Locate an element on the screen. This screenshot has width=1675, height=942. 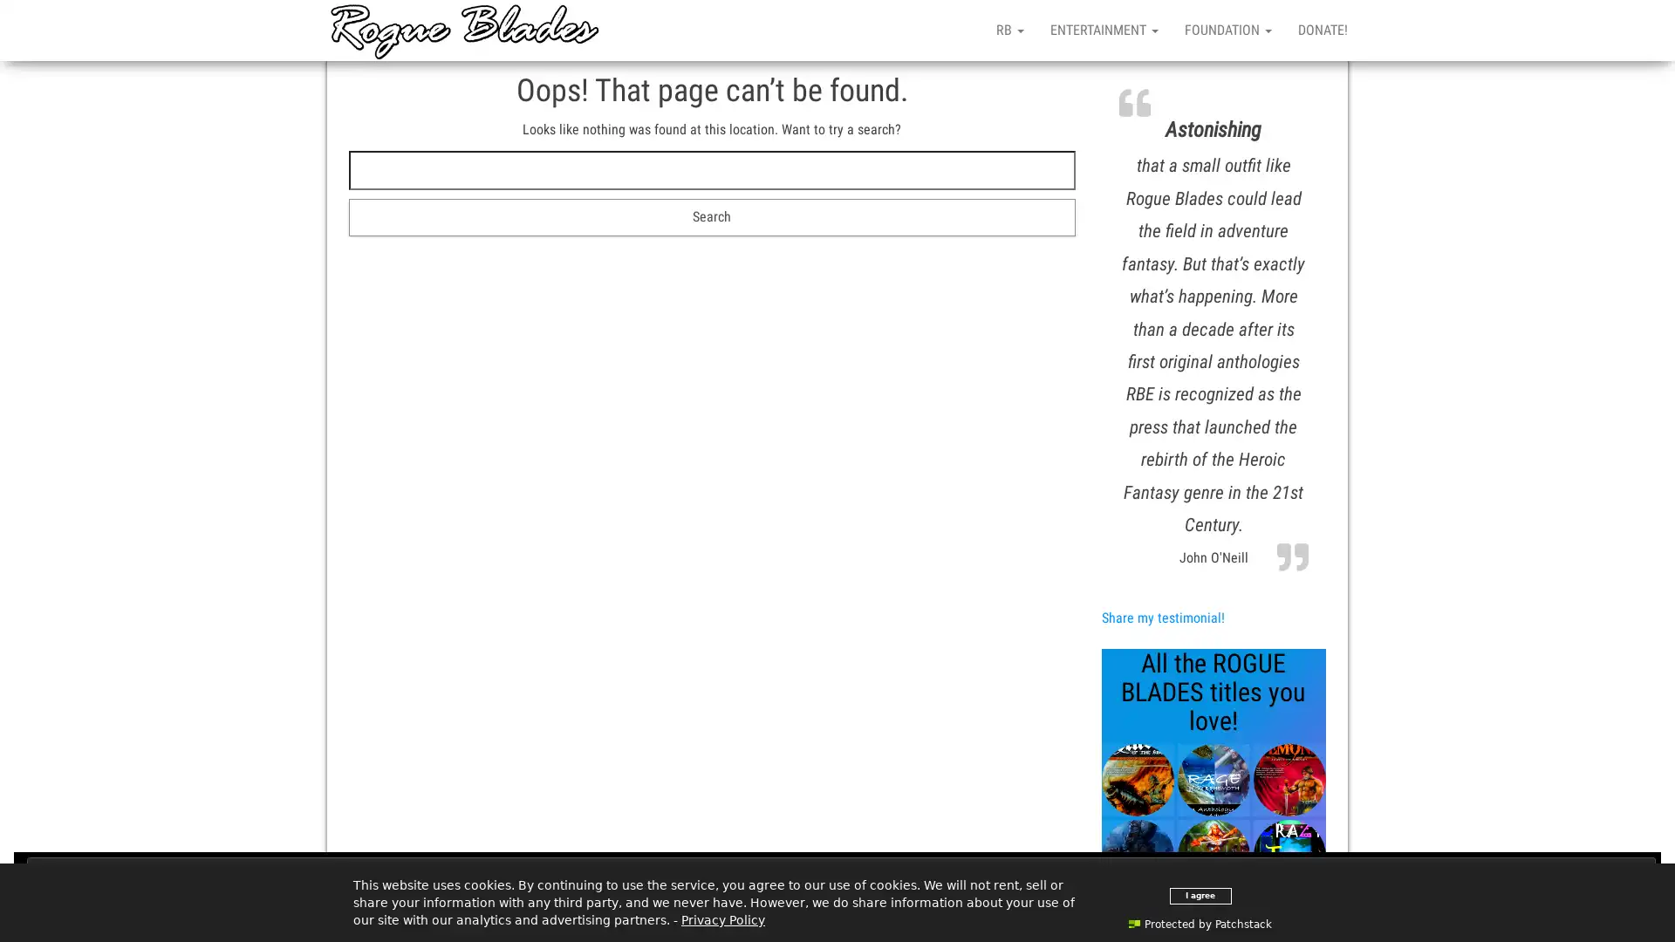
Search is located at coordinates (712, 216).